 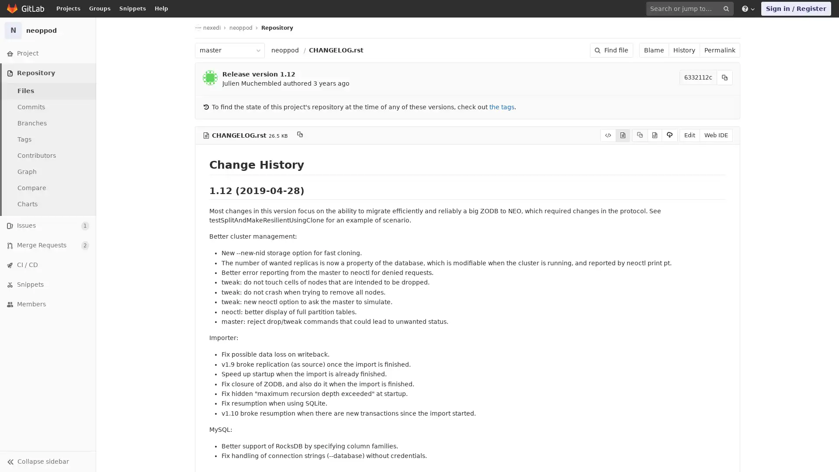 What do you see at coordinates (640, 135) in the screenshot?
I see `Copy source to clipboard` at bounding box center [640, 135].